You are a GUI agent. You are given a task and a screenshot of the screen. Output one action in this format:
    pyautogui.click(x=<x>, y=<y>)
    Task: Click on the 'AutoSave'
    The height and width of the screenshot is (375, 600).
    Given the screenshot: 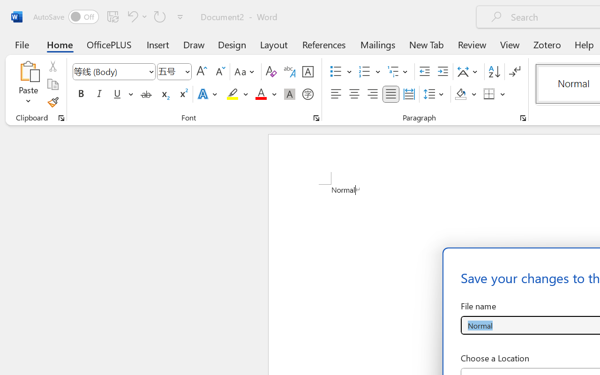 What is the action you would take?
    pyautogui.click(x=65, y=16)
    